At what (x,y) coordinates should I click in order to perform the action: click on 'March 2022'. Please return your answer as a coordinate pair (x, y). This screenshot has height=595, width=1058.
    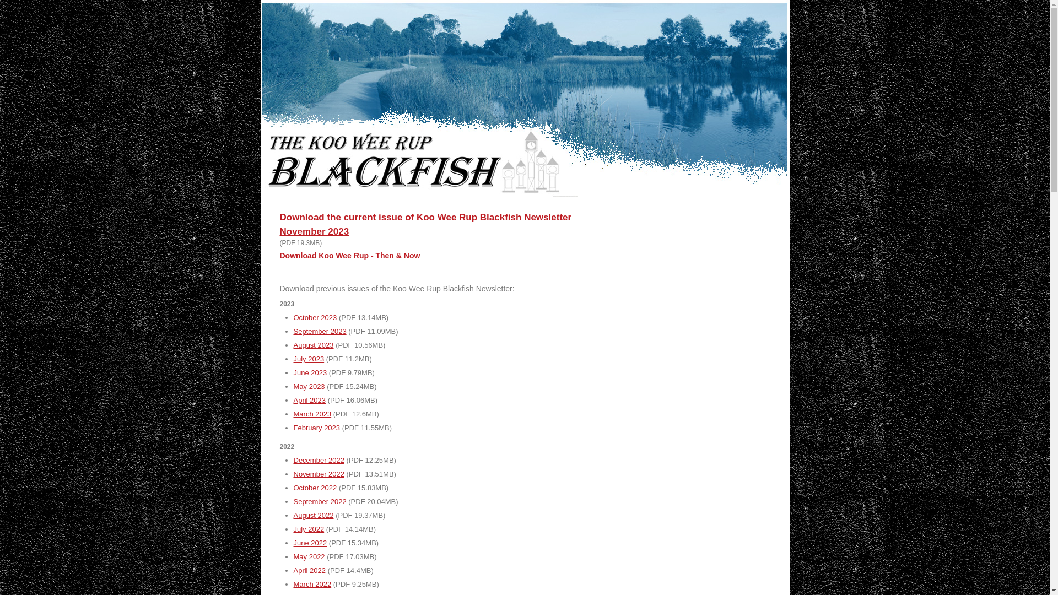
    Looking at the image, I should click on (311, 583).